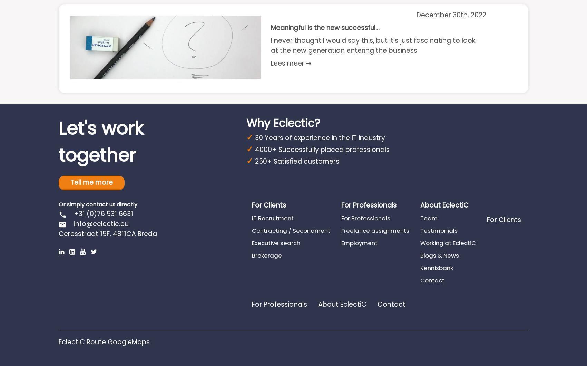 The height and width of the screenshot is (366, 587). Describe the element at coordinates (62, 224) in the screenshot. I see `'email'` at that location.